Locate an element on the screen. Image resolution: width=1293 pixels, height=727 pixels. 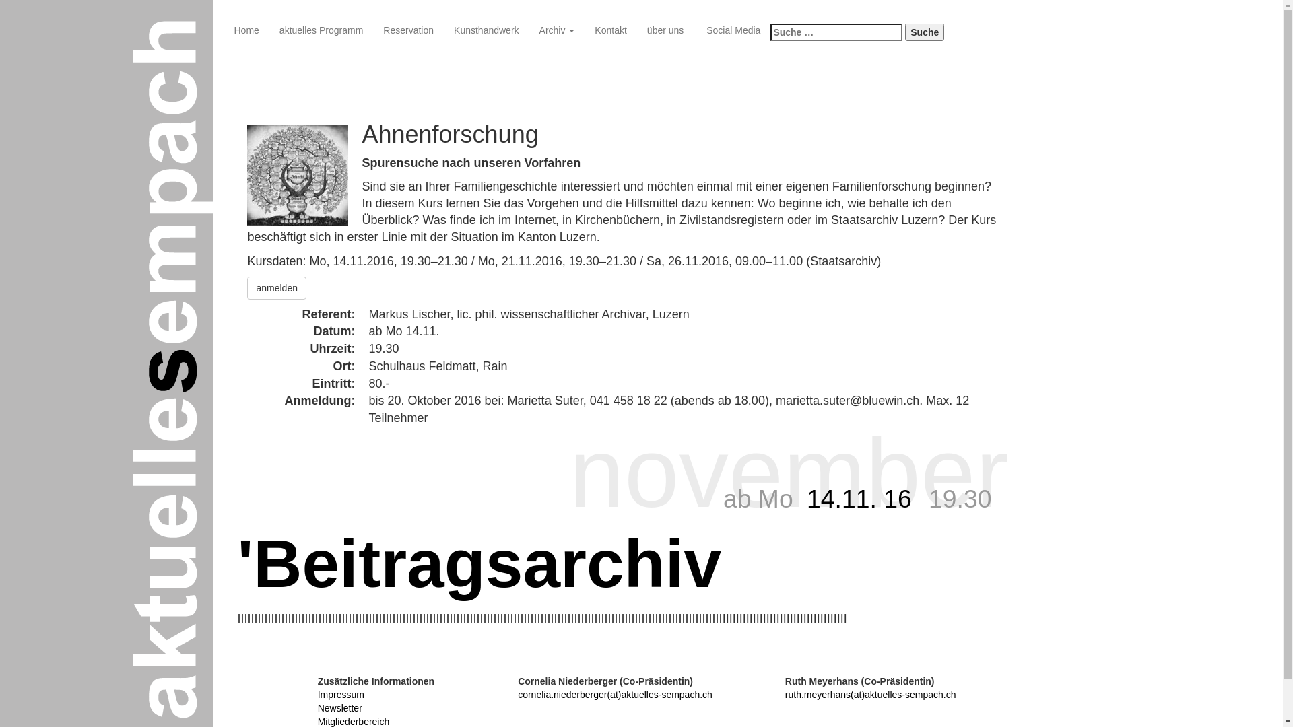
'aktuelles Programm' is located at coordinates (321, 30).